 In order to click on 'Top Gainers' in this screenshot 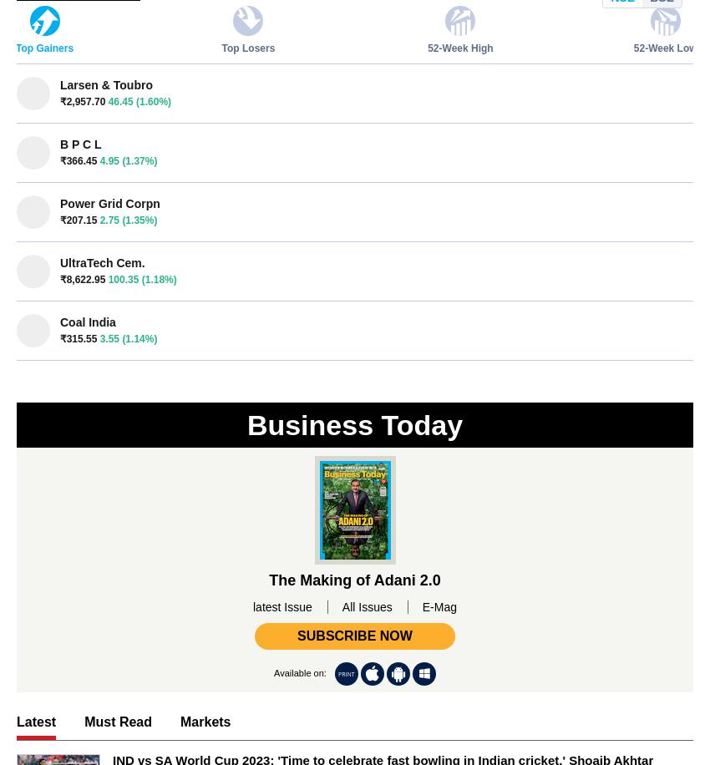, I will do `click(15, 47)`.